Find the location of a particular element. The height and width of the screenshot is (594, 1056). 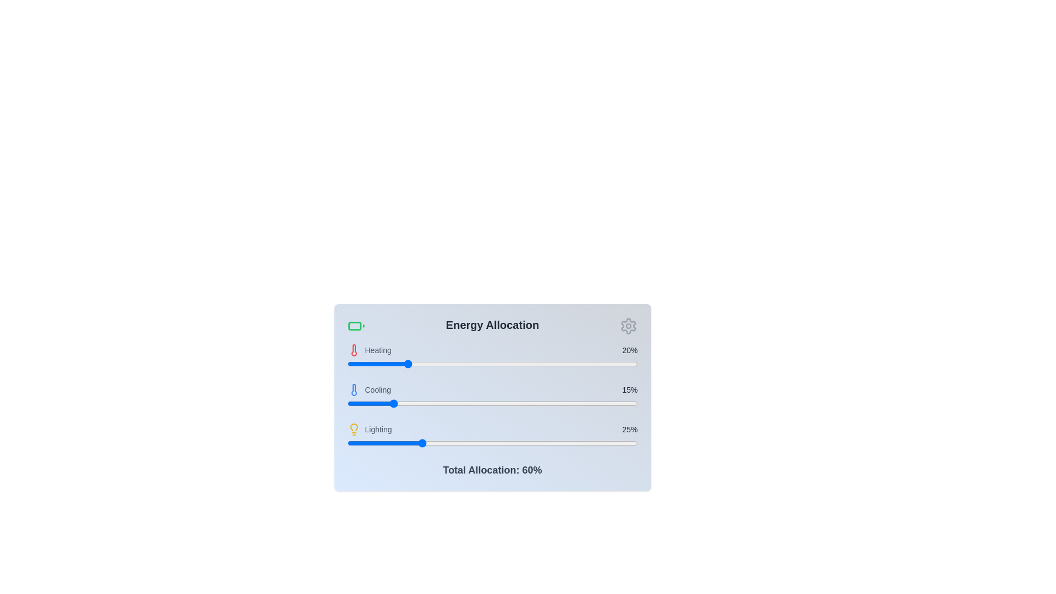

the lighting allocation slider to 36% is located at coordinates (452, 443).